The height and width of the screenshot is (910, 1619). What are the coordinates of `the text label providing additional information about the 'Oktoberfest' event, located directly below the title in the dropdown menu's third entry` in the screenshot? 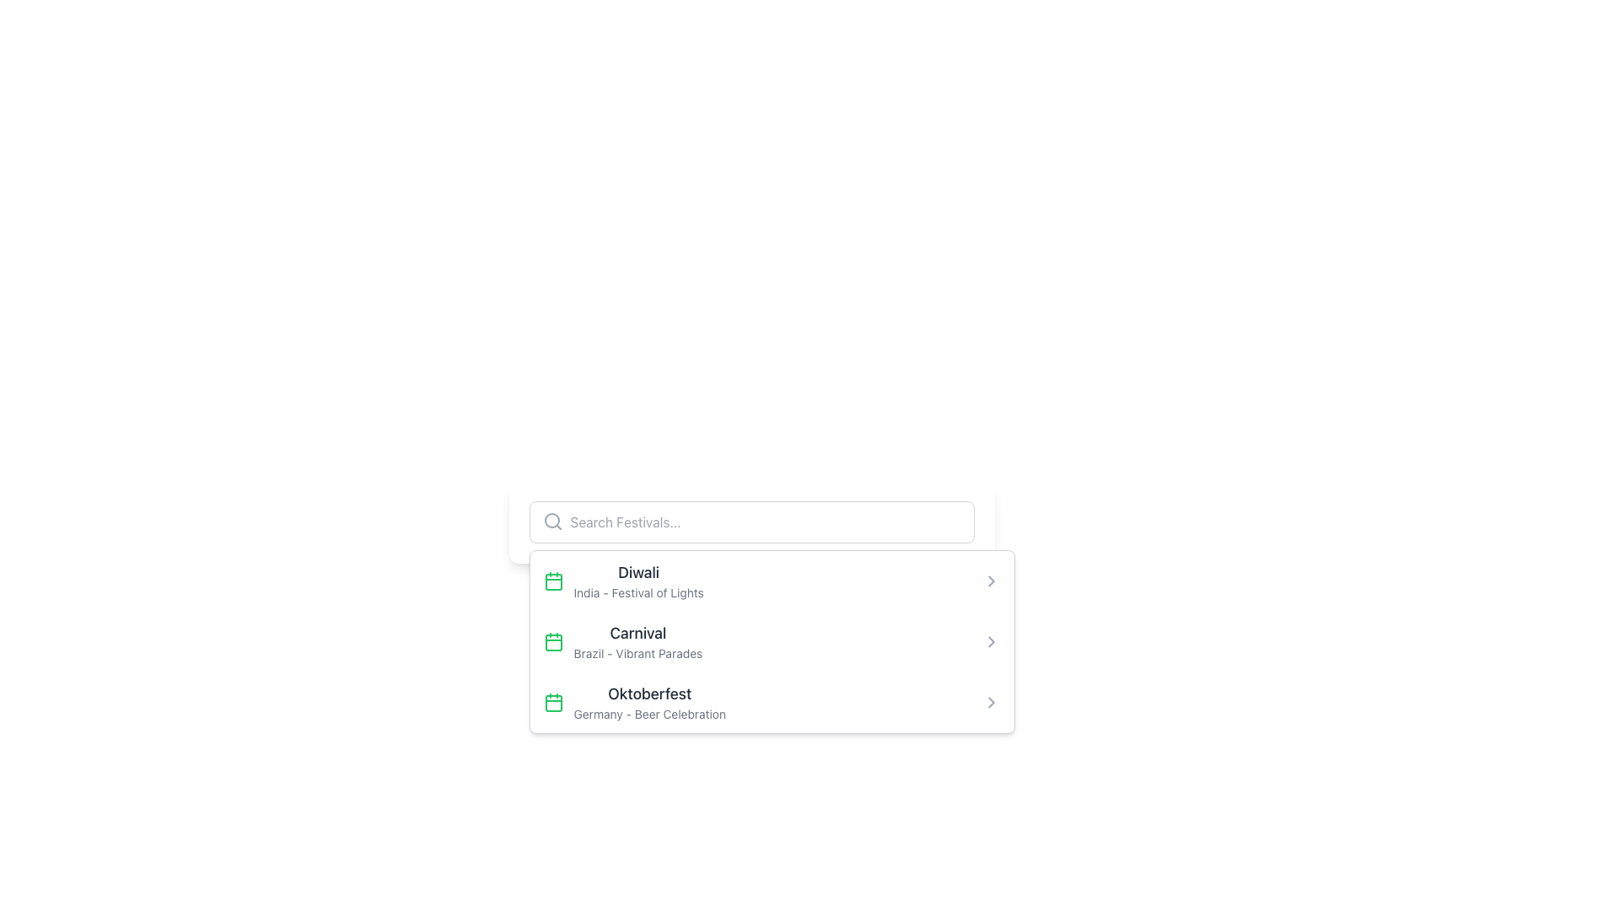 It's located at (648, 715).